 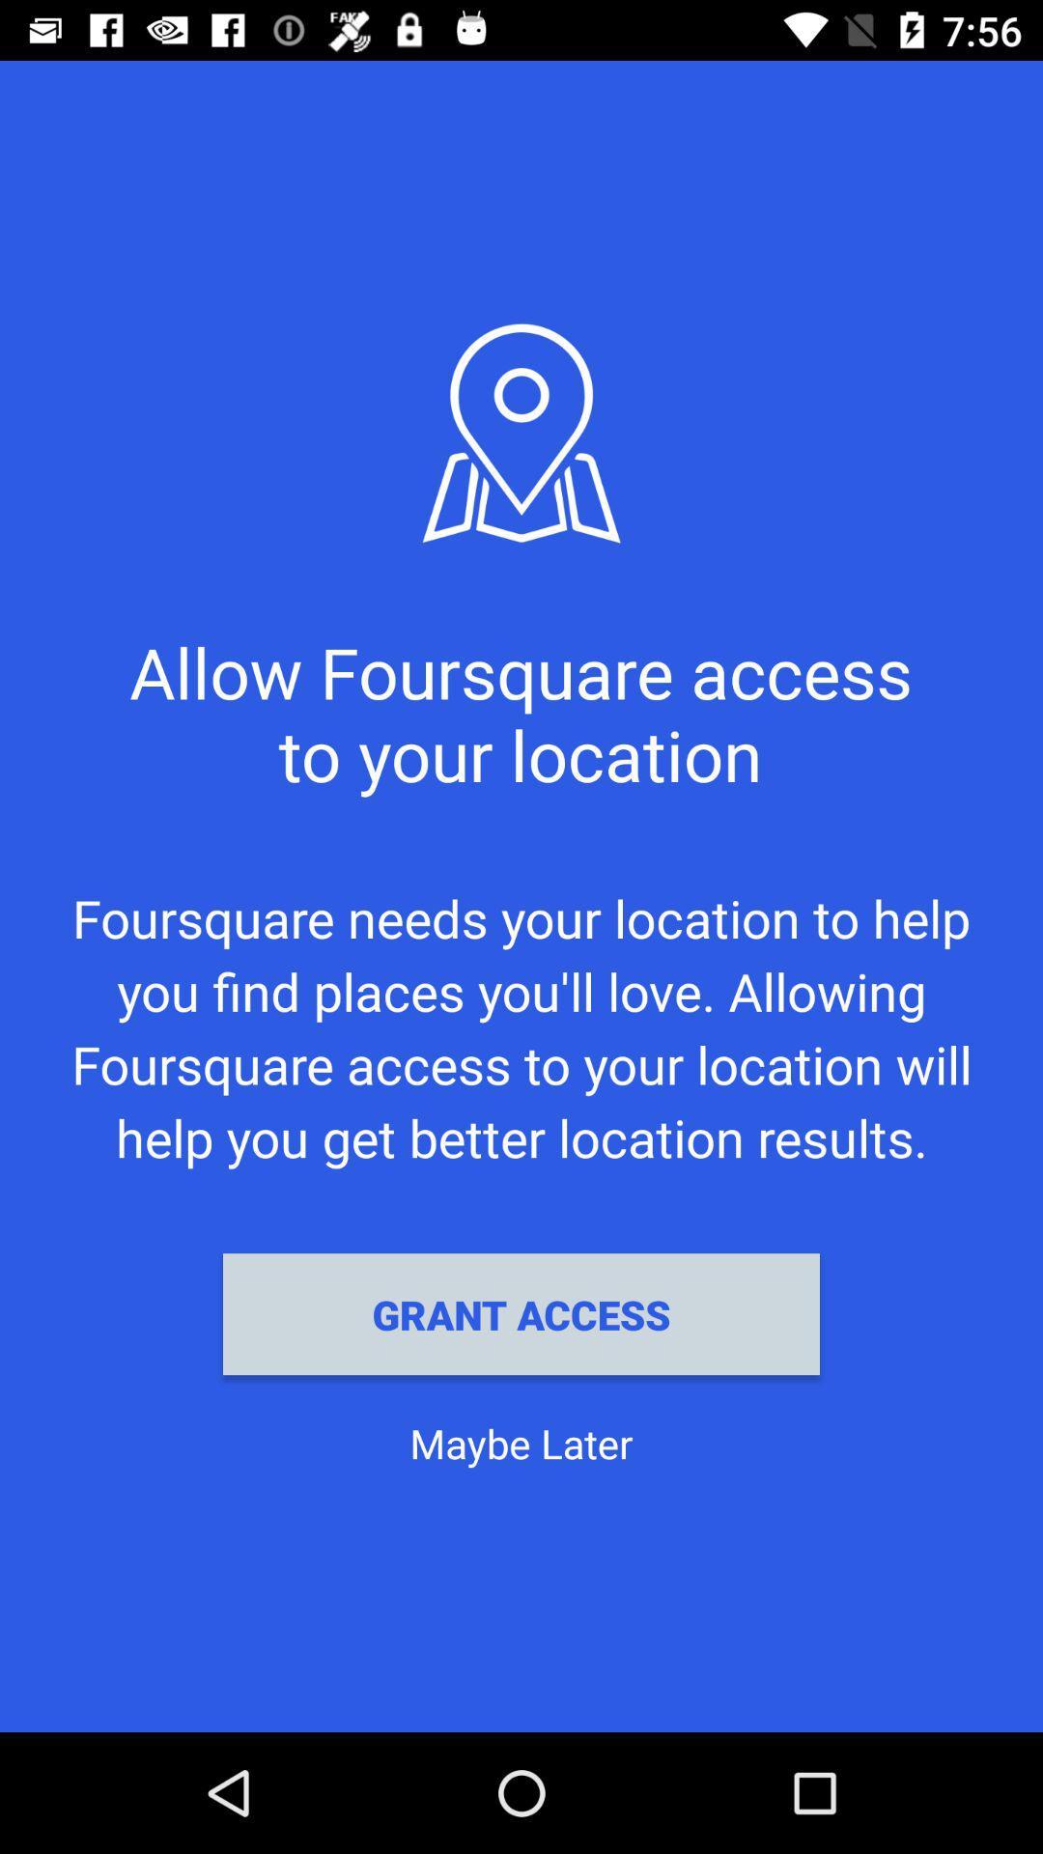 I want to click on grant access icon, so click(x=521, y=1313).